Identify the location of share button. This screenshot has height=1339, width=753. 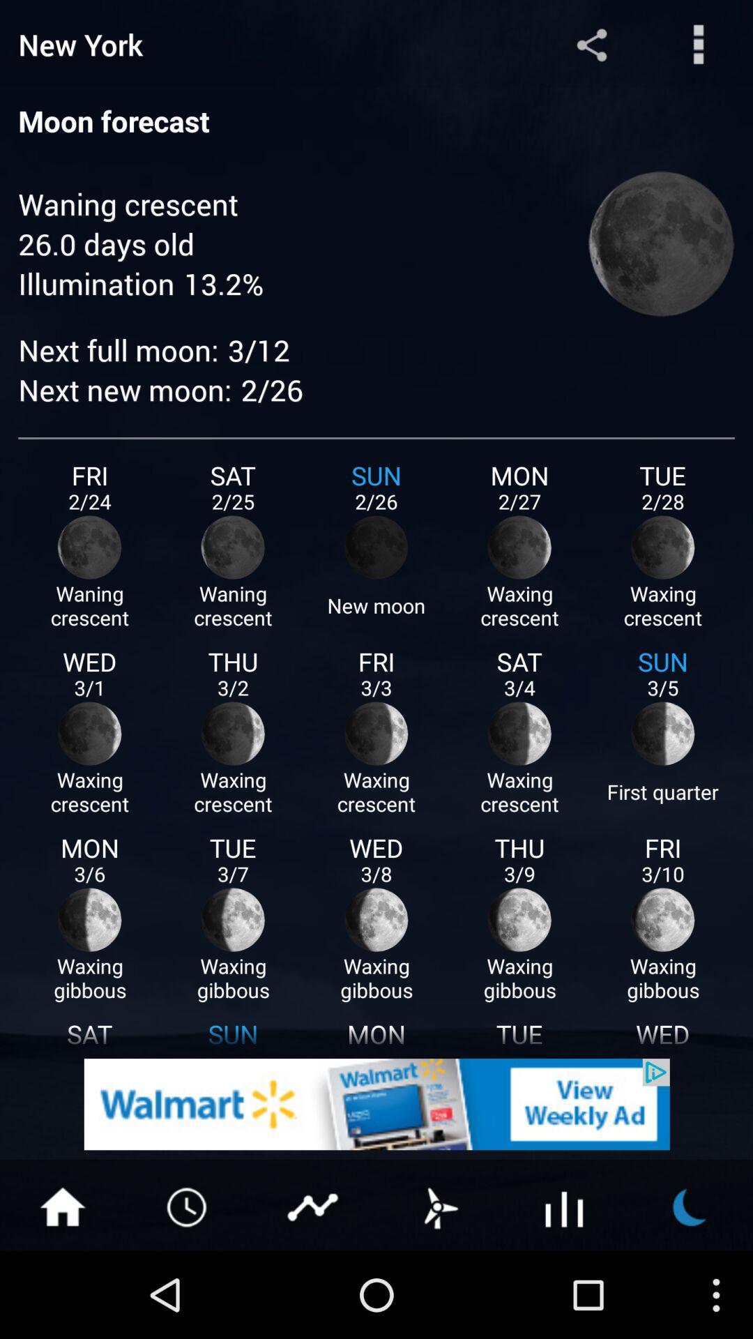
(591, 44).